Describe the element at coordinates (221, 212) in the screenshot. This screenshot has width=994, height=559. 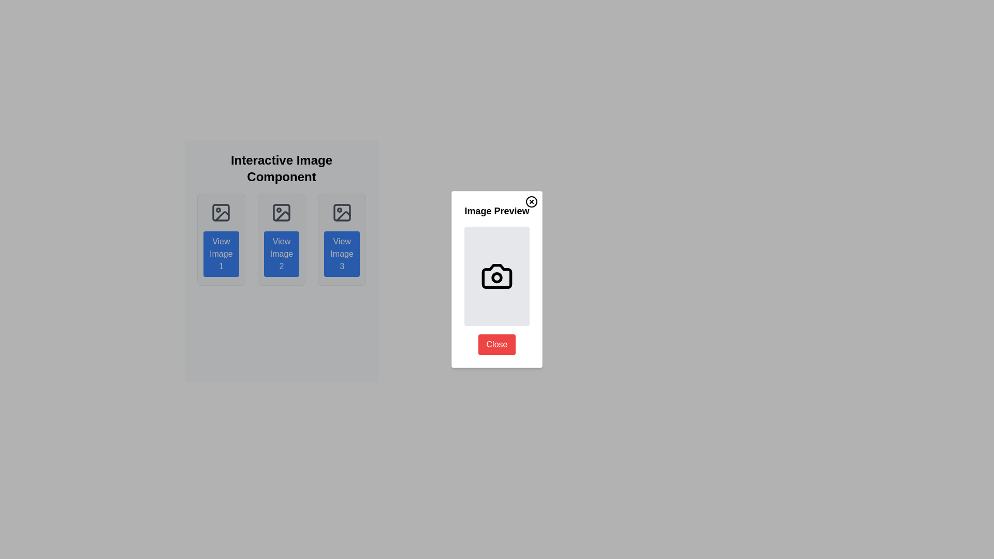
I see `the visual representation of the first icon in the row of three icons within the 'Interactive Image Component' section, which is located above the 'View Image 1' button` at that location.